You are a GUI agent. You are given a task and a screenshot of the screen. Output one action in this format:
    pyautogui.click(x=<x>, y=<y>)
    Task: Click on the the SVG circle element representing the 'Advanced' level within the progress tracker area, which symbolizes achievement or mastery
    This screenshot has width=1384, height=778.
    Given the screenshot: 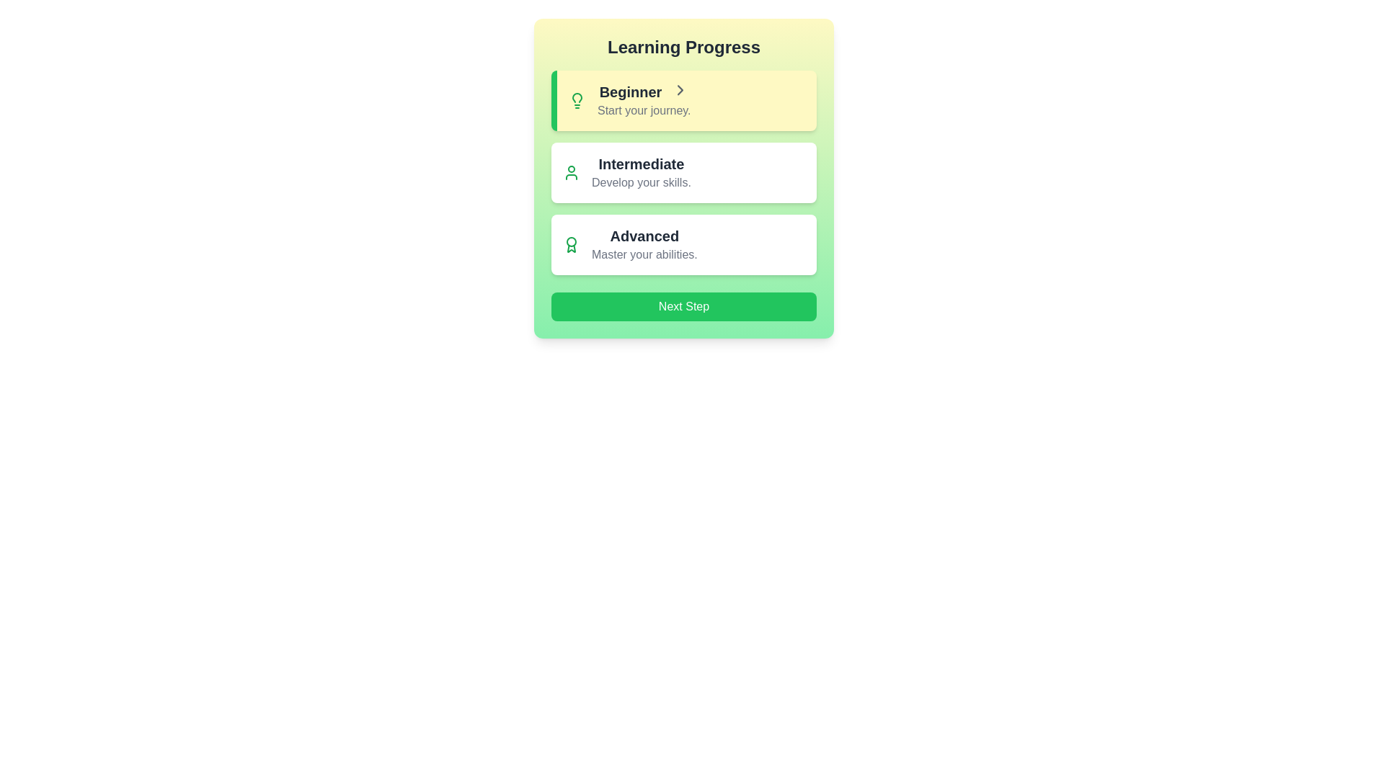 What is the action you would take?
    pyautogui.click(x=570, y=241)
    